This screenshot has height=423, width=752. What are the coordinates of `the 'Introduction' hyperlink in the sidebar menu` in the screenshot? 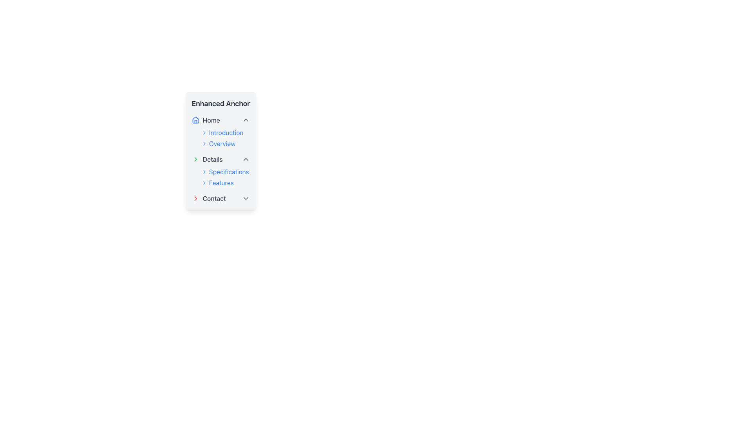 It's located at (225, 132).